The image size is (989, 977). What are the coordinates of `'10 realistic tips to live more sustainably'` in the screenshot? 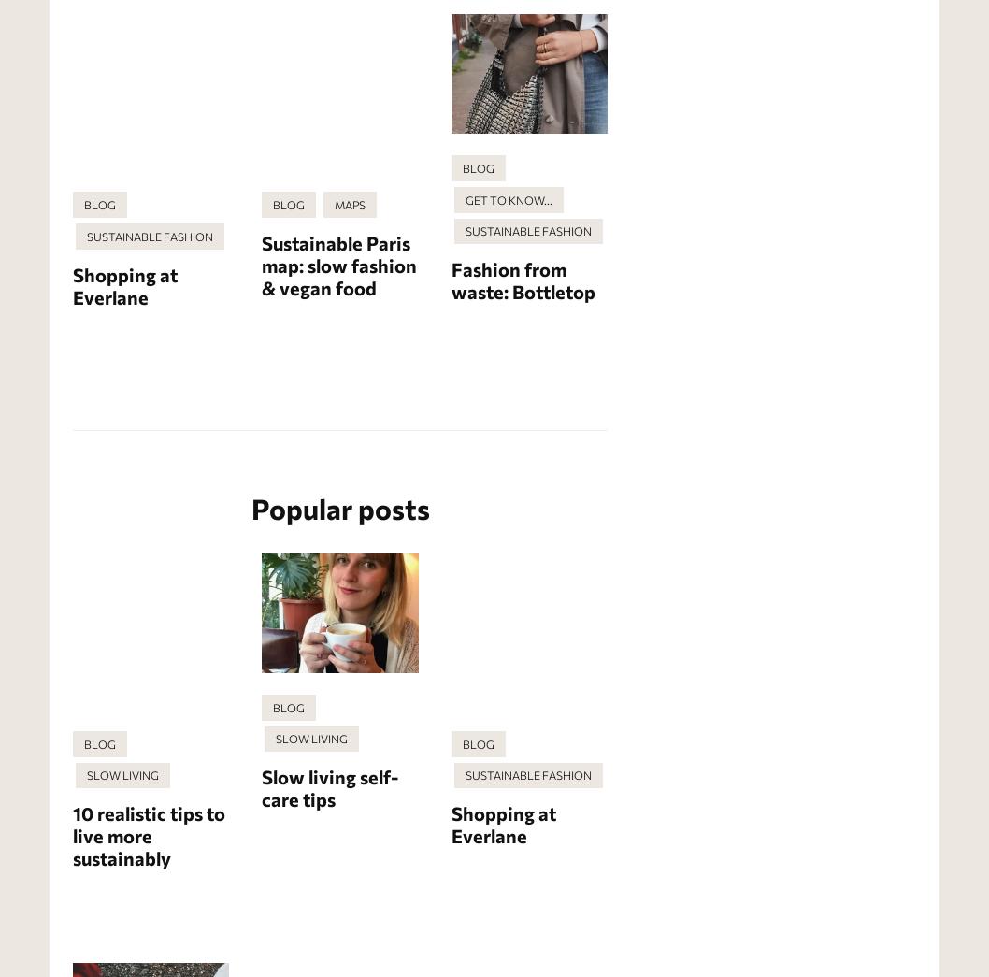 It's located at (147, 835).